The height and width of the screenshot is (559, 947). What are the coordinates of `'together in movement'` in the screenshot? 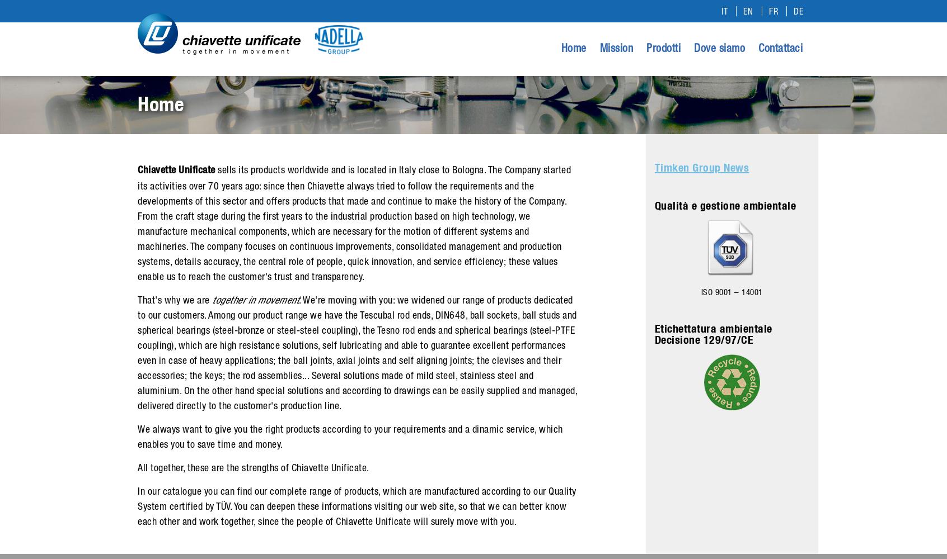 It's located at (255, 300).